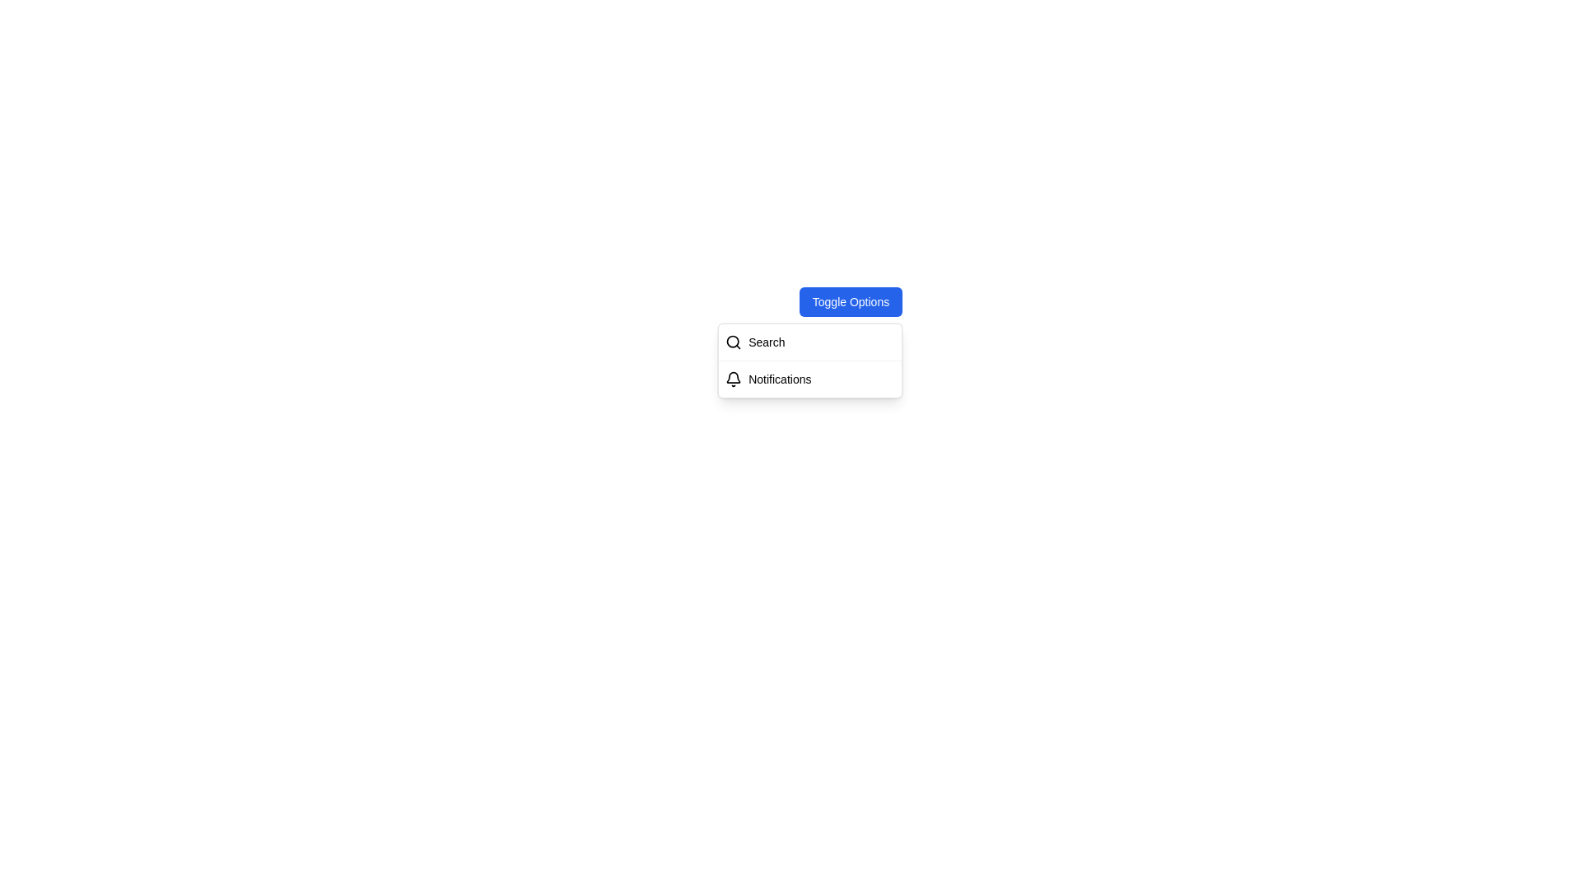  Describe the element at coordinates (851, 301) in the screenshot. I see `the button located at the top of the dropdown menu, which toggles the visibility of additional options` at that location.